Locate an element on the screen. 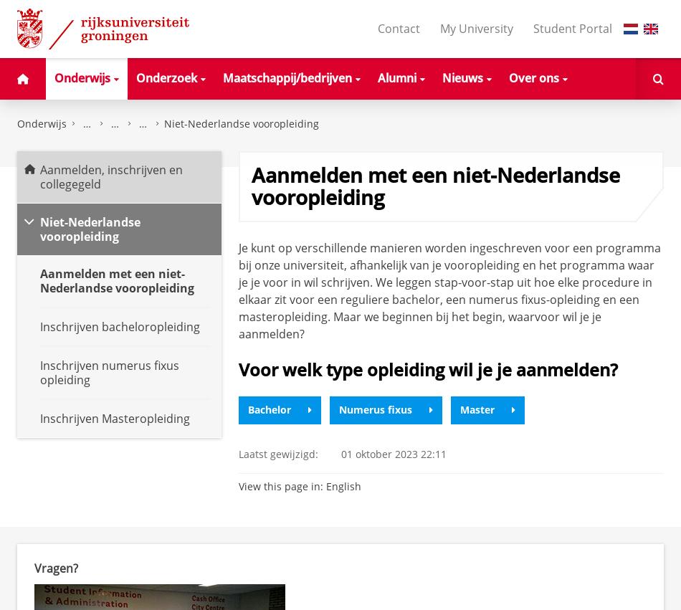 The image size is (681, 610). 'Over ons' is located at coordinates (533, 76).